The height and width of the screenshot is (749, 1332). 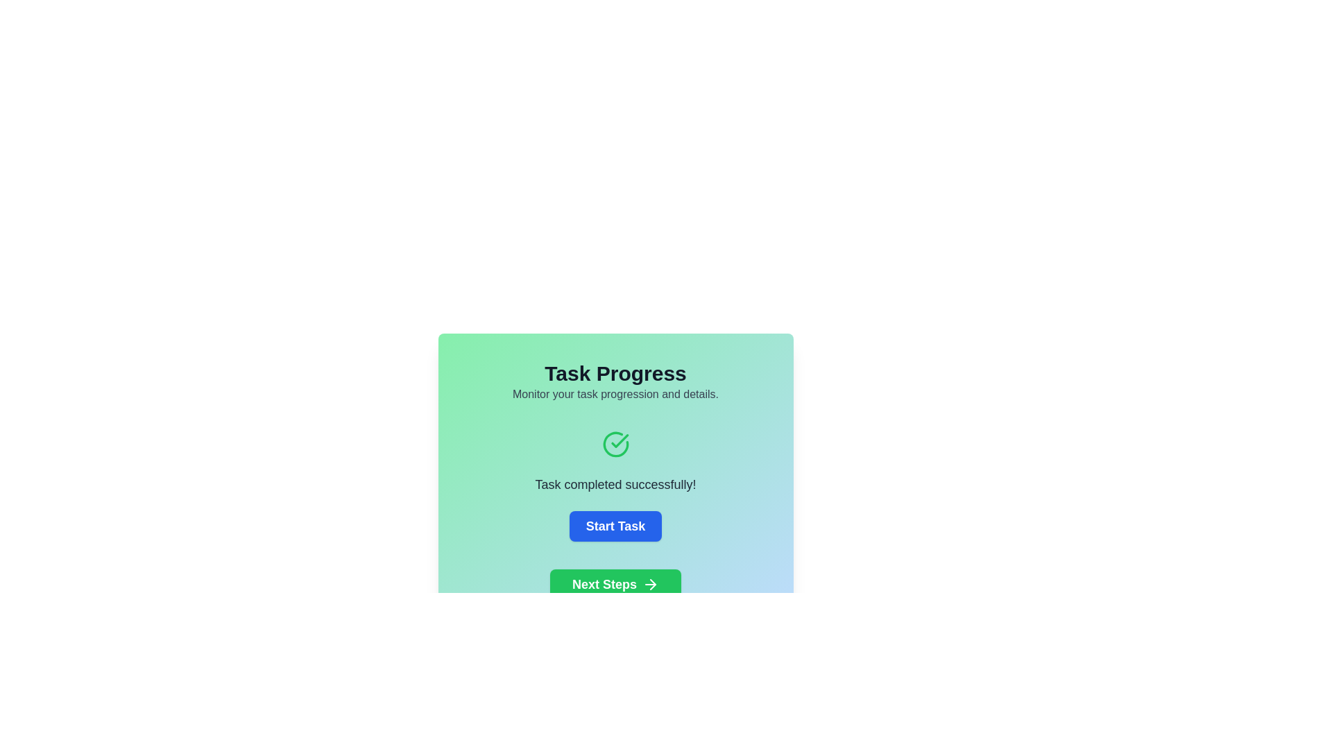 What do you see at coordinates (615, 526) in the screenshot?
I see `the blue rectangular button with rounded corners labeled 'Start Task'` at bounding box center [615, 526].